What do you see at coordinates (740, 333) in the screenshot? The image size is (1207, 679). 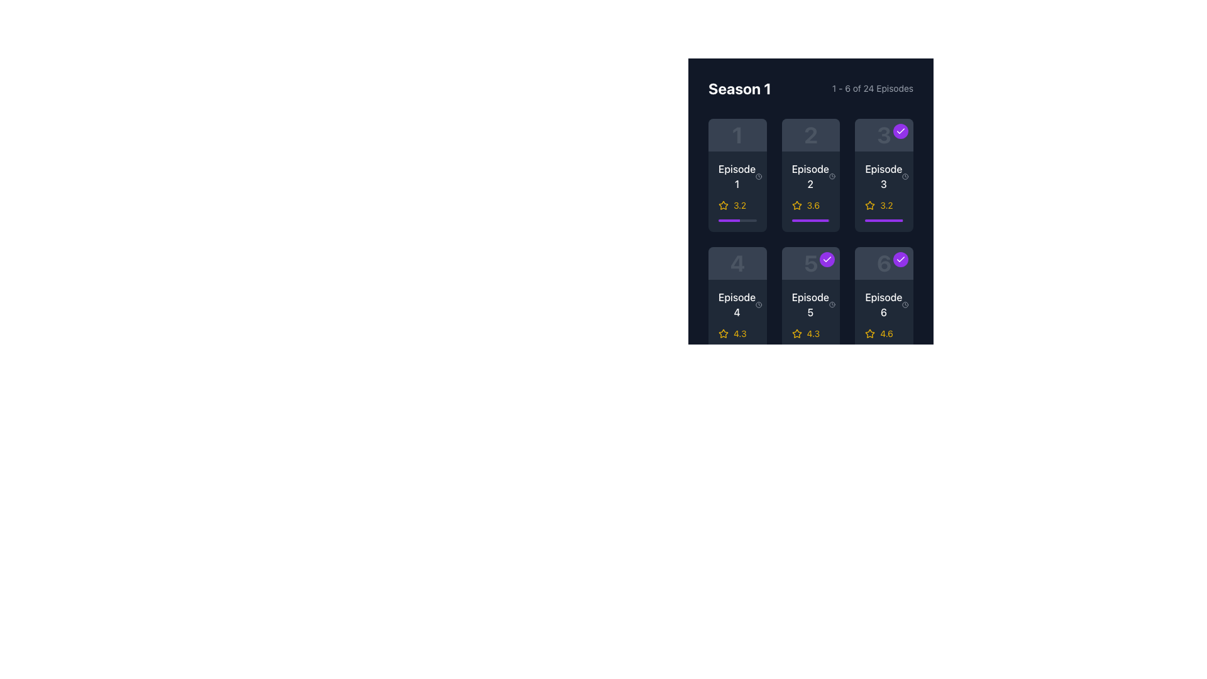 I see `the numeric rating label located in the lower part of Episode 5's card, positioned directly to the right of the yellow star icon` at bounding box center [740, 333].